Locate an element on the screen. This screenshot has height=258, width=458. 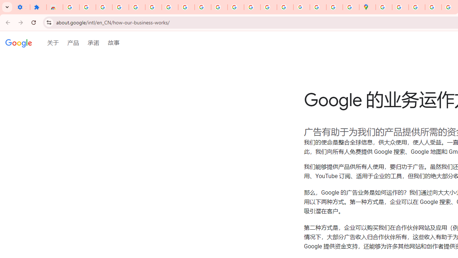
'Sign in - Google Accounts' is located at coordinates (153, 7).